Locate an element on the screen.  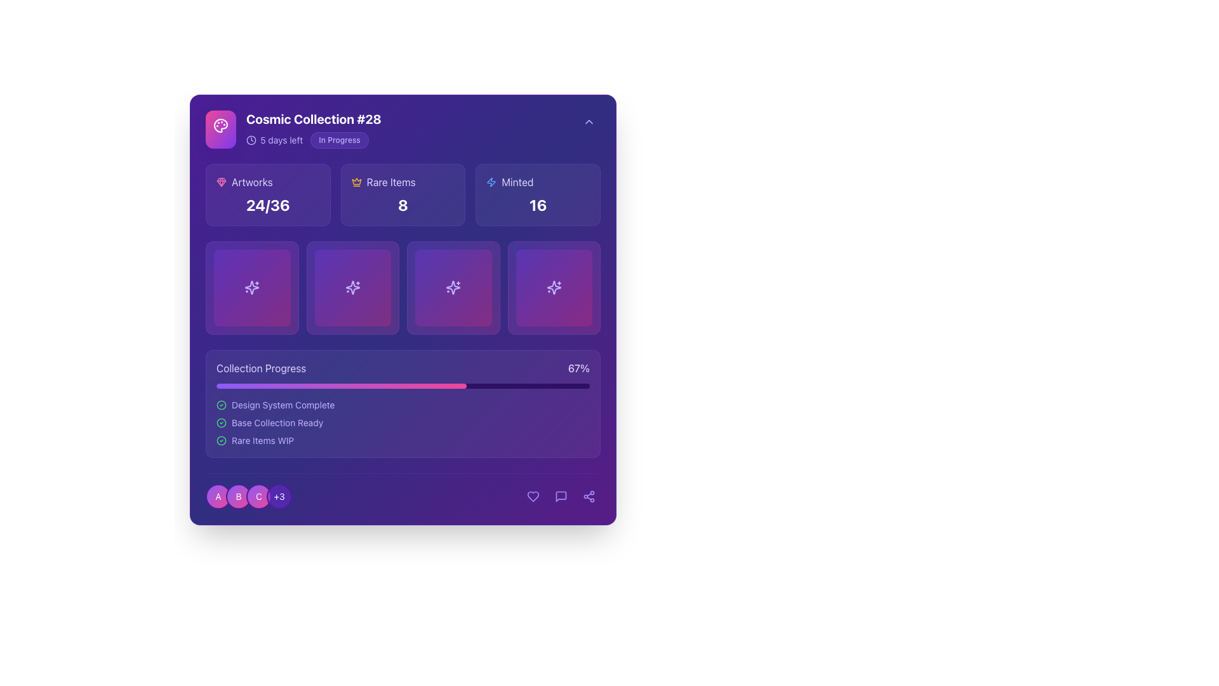
displayed numeric value '8' from the Text Display element located at the bottom-right corner of the 'Rare Items' card, which features a bold, large-sized white number on a dark purple background is located at coordinates (402, 205).